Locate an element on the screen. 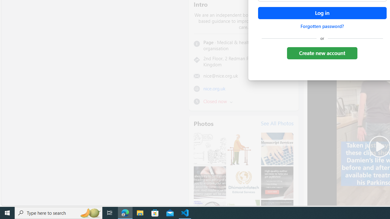 This screenshot has height=219, width=390. 'Create new account' is located at coordinates (322, 53).